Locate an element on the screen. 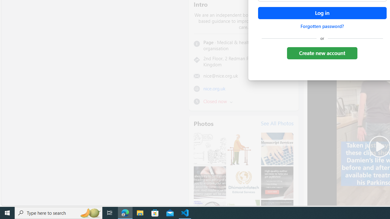 This screenshot has height=219, width=390. 'Create new account' is located at coordinates (322, 53).